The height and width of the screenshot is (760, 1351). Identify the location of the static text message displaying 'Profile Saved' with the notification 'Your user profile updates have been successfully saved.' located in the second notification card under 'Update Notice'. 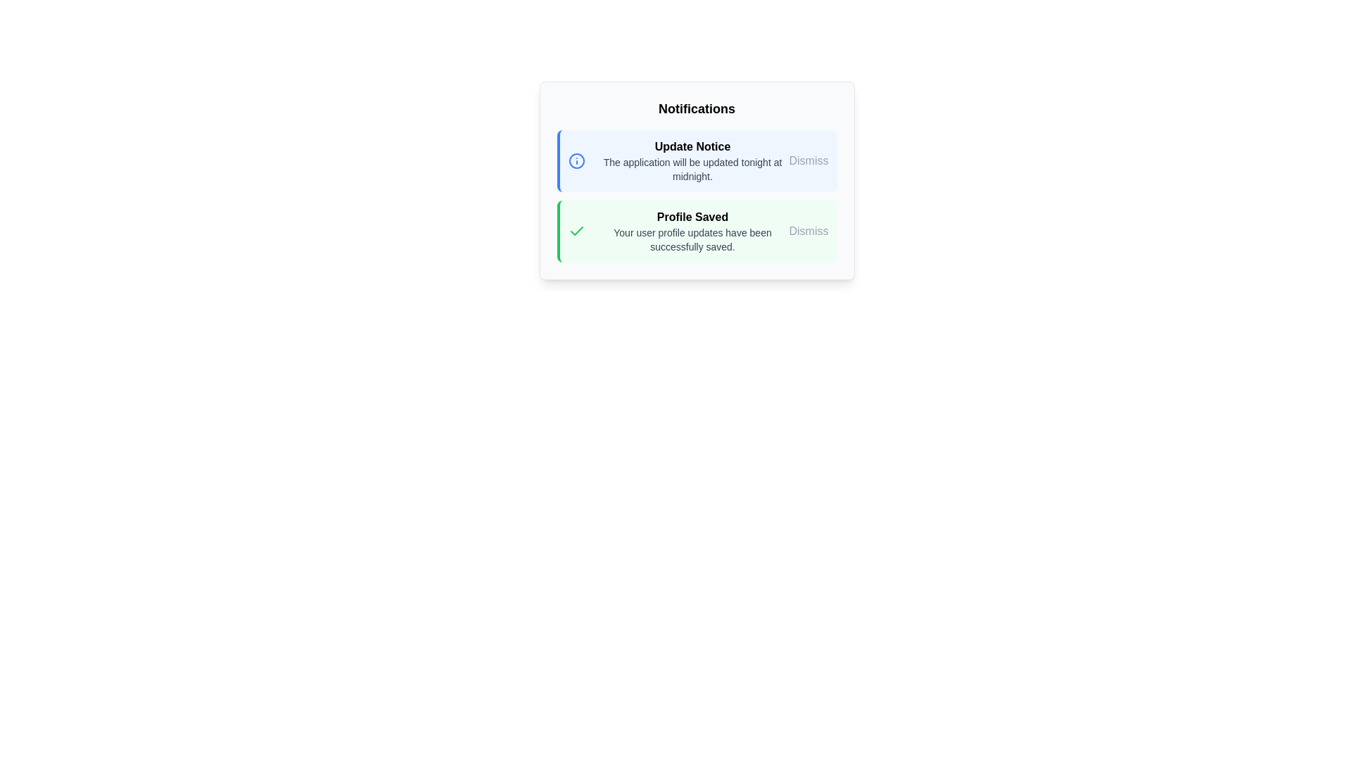
(692, 230).